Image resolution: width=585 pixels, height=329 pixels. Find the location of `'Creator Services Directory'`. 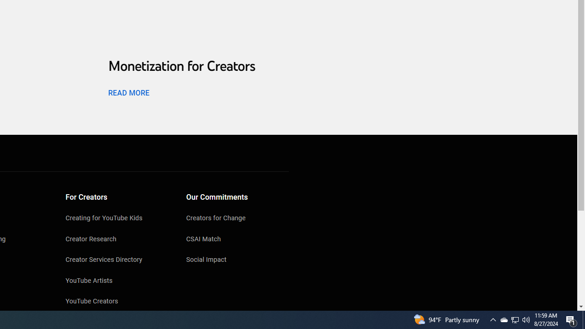

'Creator Services Directory' is located at coordinates (117, 260).